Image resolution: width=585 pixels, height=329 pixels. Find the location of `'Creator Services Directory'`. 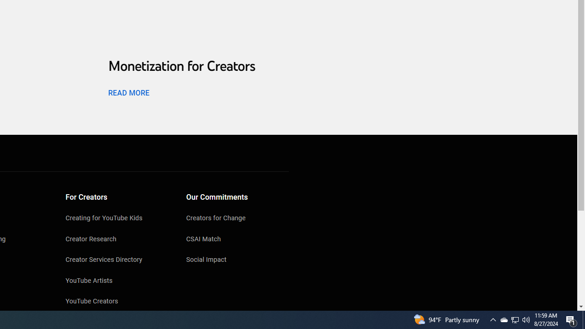

'Creator Services Directory' is located at coordinates (117, 260).